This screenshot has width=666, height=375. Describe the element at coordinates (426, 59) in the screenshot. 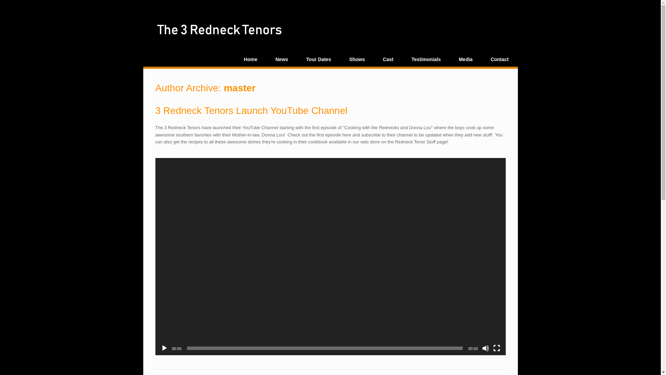

I see `'Testimonials'` at that location.